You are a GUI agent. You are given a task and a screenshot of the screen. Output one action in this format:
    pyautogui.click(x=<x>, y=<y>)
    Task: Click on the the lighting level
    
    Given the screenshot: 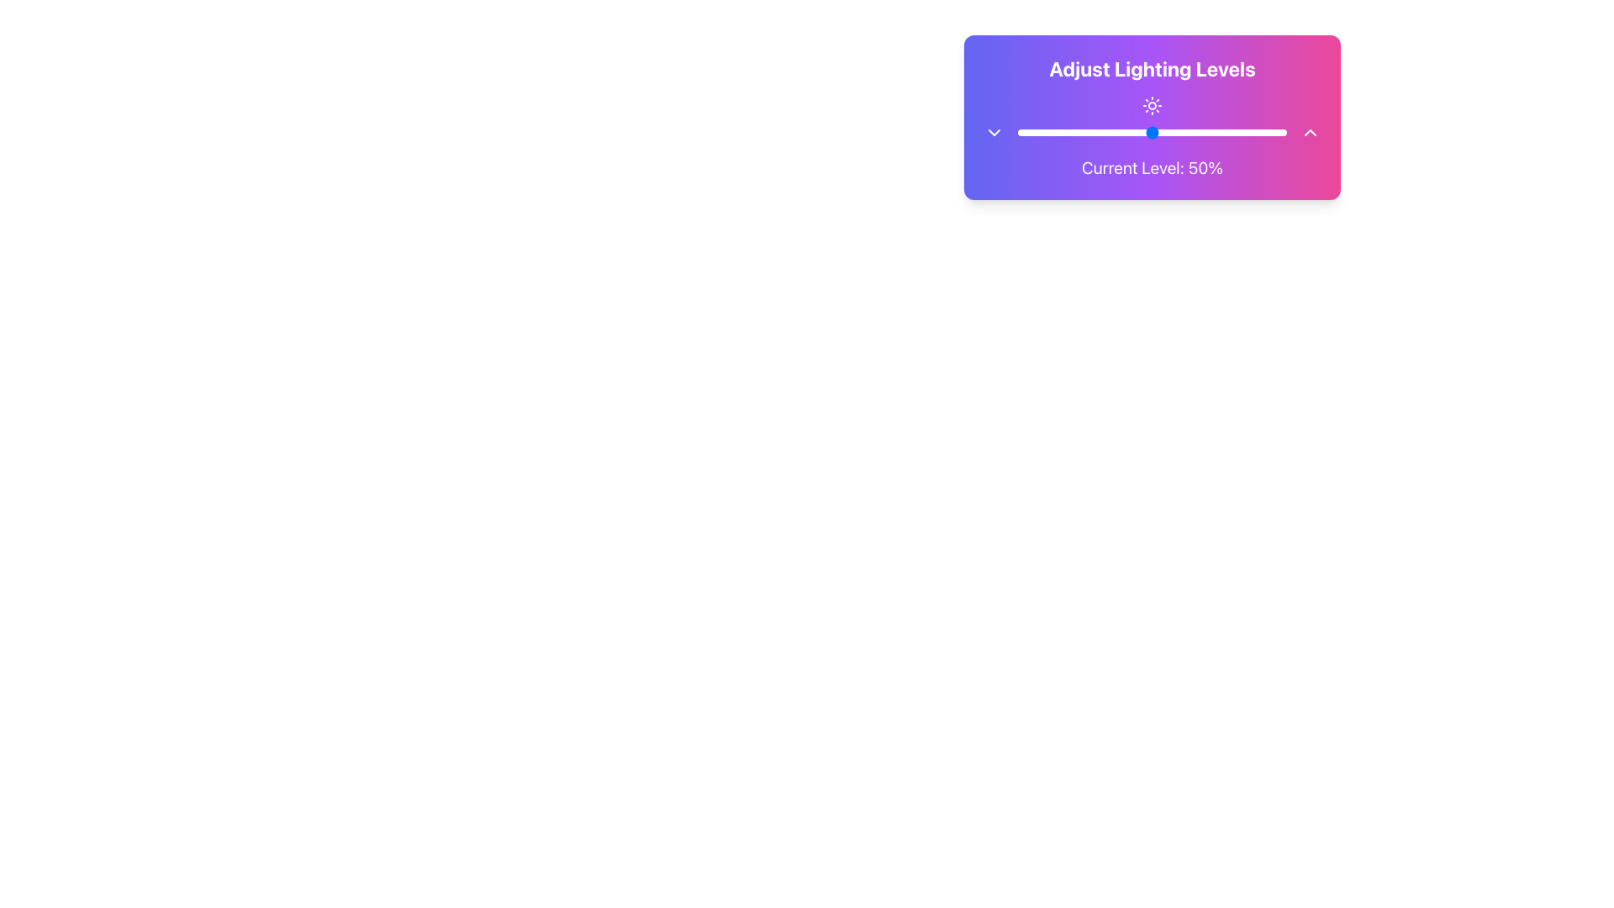 What is the action you would take?
    pyautogui.click(x=1033, y=132)
    